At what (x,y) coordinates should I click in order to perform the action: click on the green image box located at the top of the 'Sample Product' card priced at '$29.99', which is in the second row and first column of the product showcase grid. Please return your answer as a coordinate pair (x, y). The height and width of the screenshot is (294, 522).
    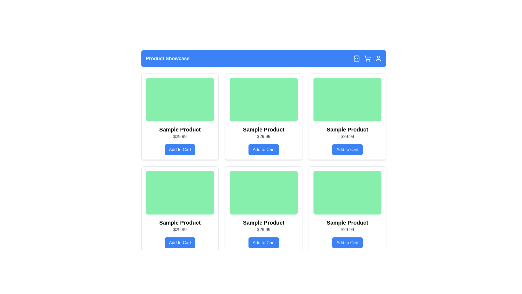
    Looking at the image, I should click on (180, 192).